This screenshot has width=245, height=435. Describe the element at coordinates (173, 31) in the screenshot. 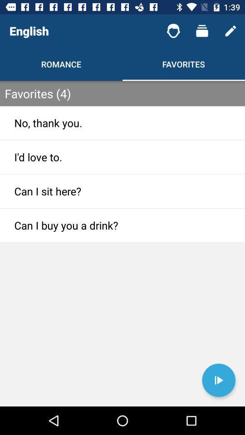

I see `the item above the favorites` at that location.